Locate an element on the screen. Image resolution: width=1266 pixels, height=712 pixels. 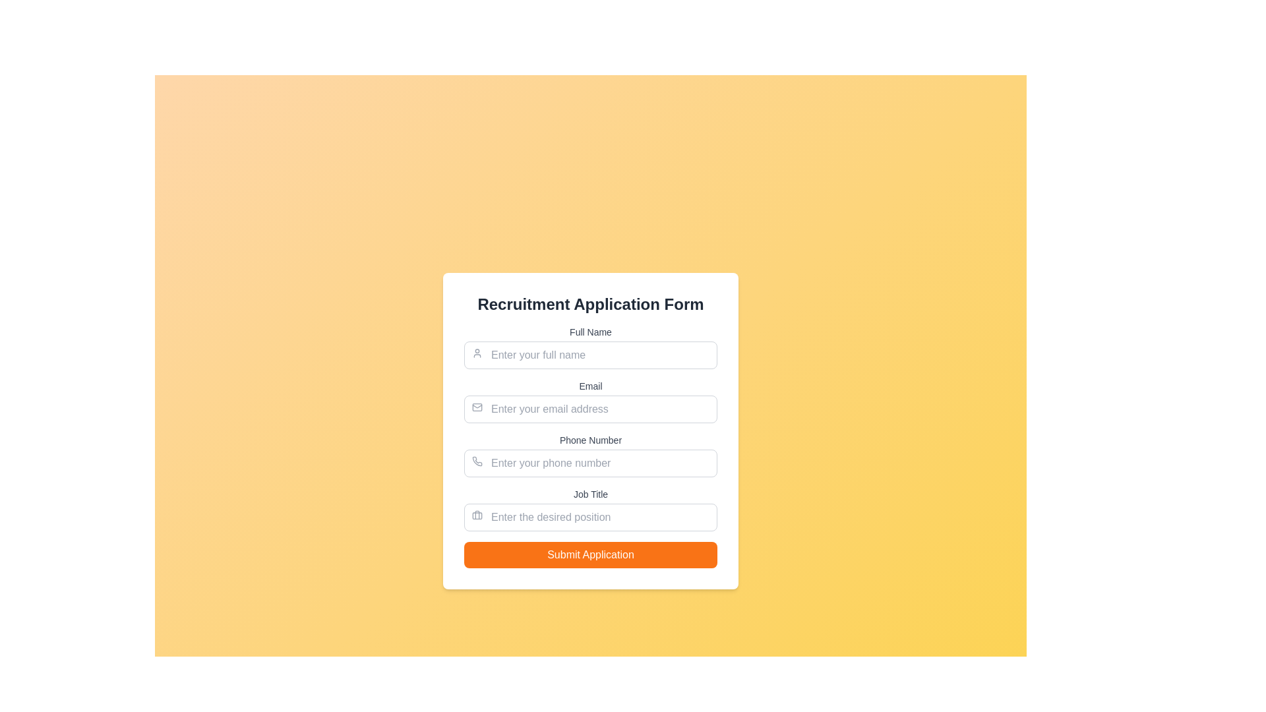
on the text input field for phone number, which is styled as a rectangular box with rounded corners and contains the placeholder text 'Enter your phone number' is located at coordinates (590, 462).